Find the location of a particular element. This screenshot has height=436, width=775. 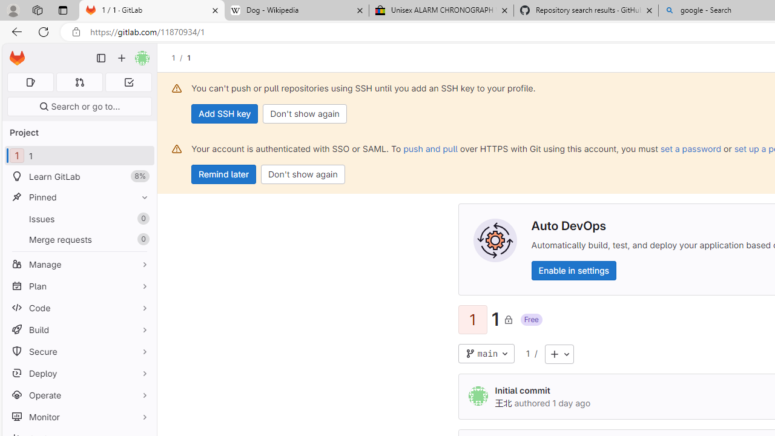

'Build' is located at coordinates (79, 329).